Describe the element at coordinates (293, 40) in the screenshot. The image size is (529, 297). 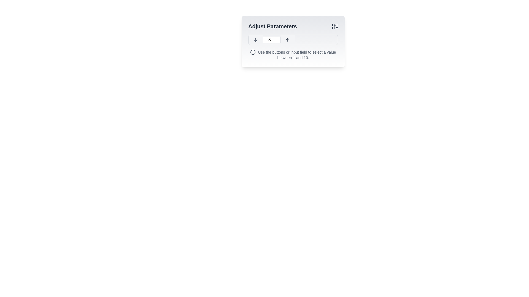
I see `the upward and downward arrow icons of the Number input control` at that location.